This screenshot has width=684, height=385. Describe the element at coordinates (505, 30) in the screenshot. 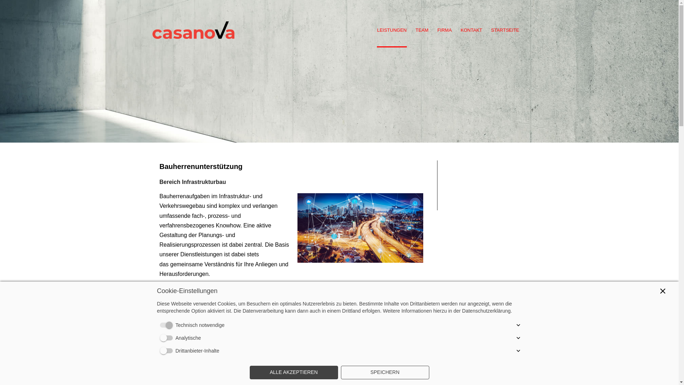

I see `'STARTSEITE'` at that location.